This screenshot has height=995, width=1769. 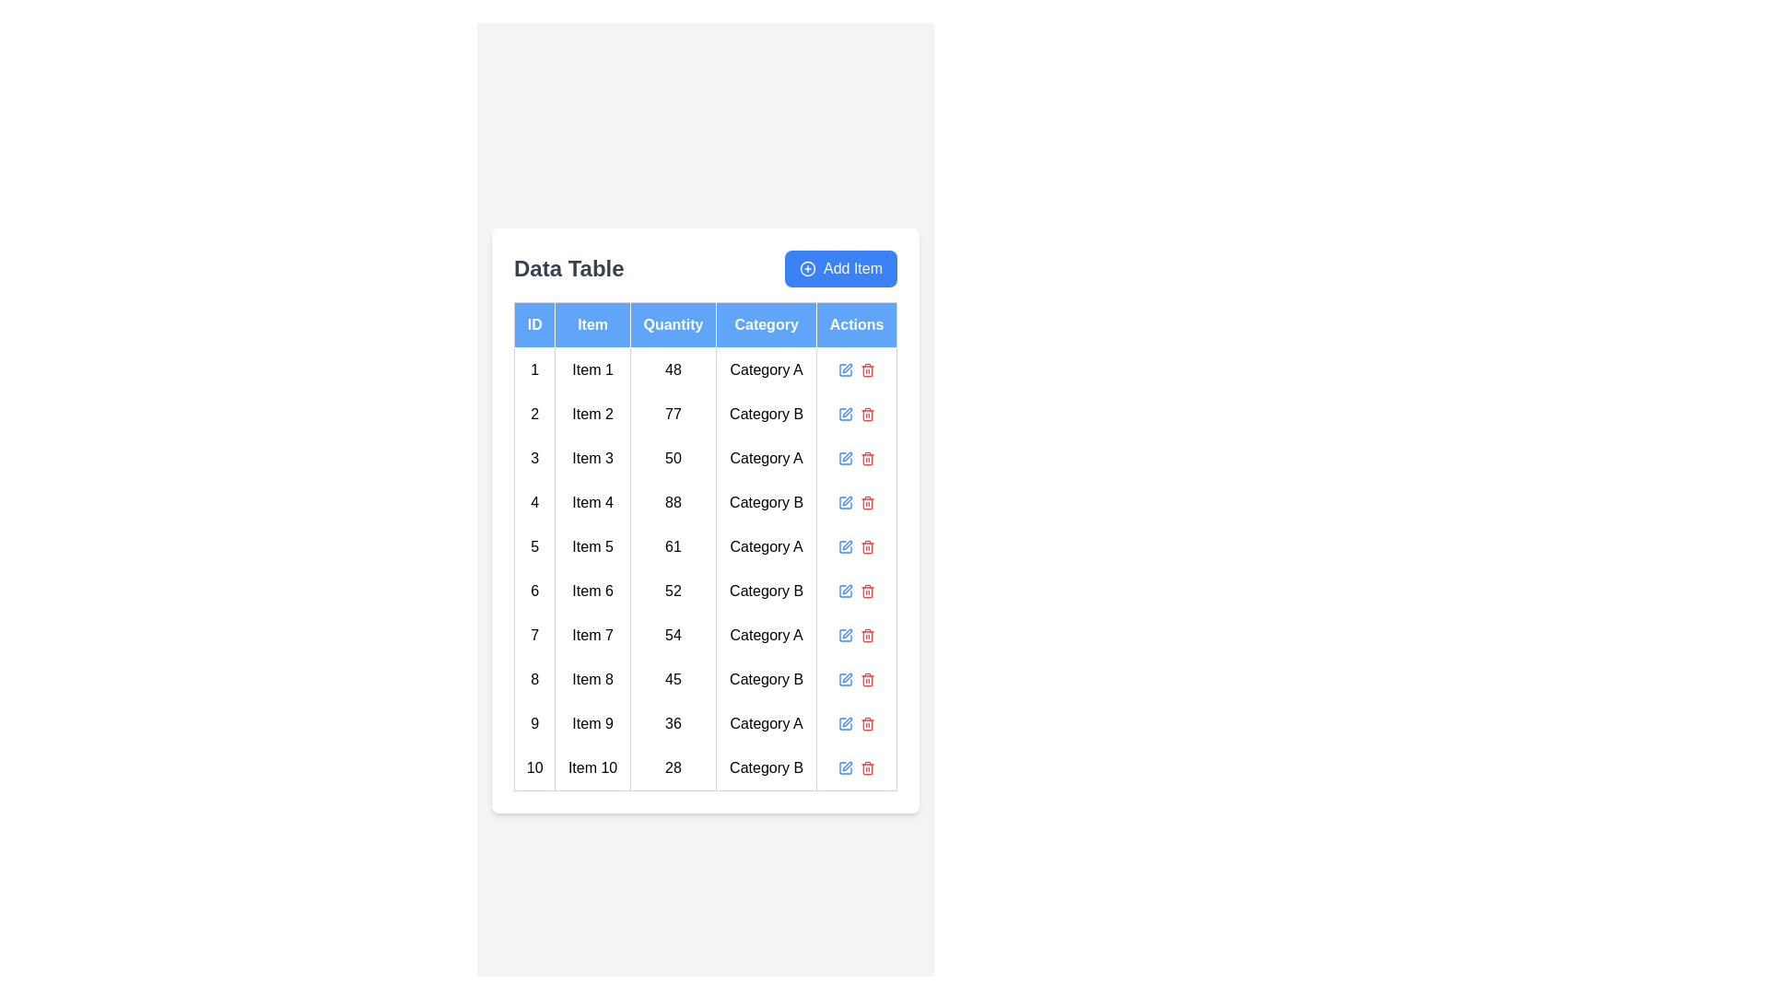 I want to click on the bold text '48' in the 'Quantity' column of the first row of the data table, so click(x=672, y=369).